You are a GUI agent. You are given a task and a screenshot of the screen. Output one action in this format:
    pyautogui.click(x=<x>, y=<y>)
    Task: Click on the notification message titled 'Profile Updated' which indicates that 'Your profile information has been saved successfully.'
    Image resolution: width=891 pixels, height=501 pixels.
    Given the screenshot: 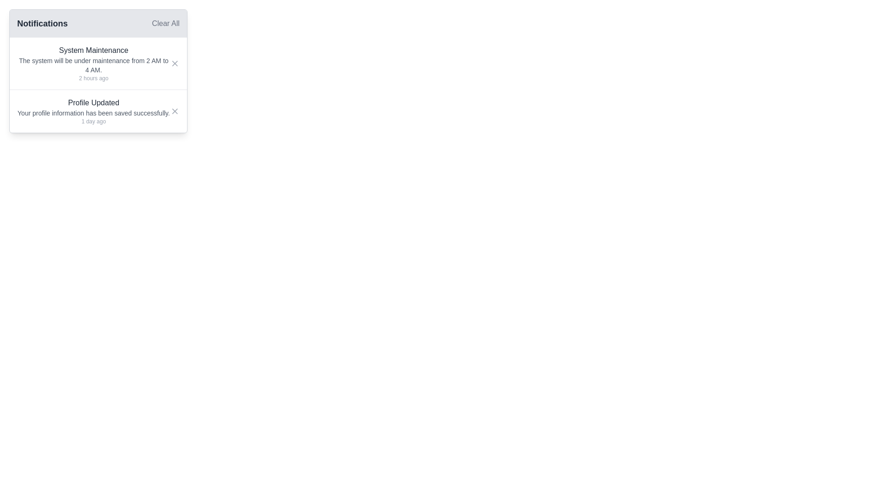 What is the action you would take?
    pyautogui.click(x=93, y=110)
    